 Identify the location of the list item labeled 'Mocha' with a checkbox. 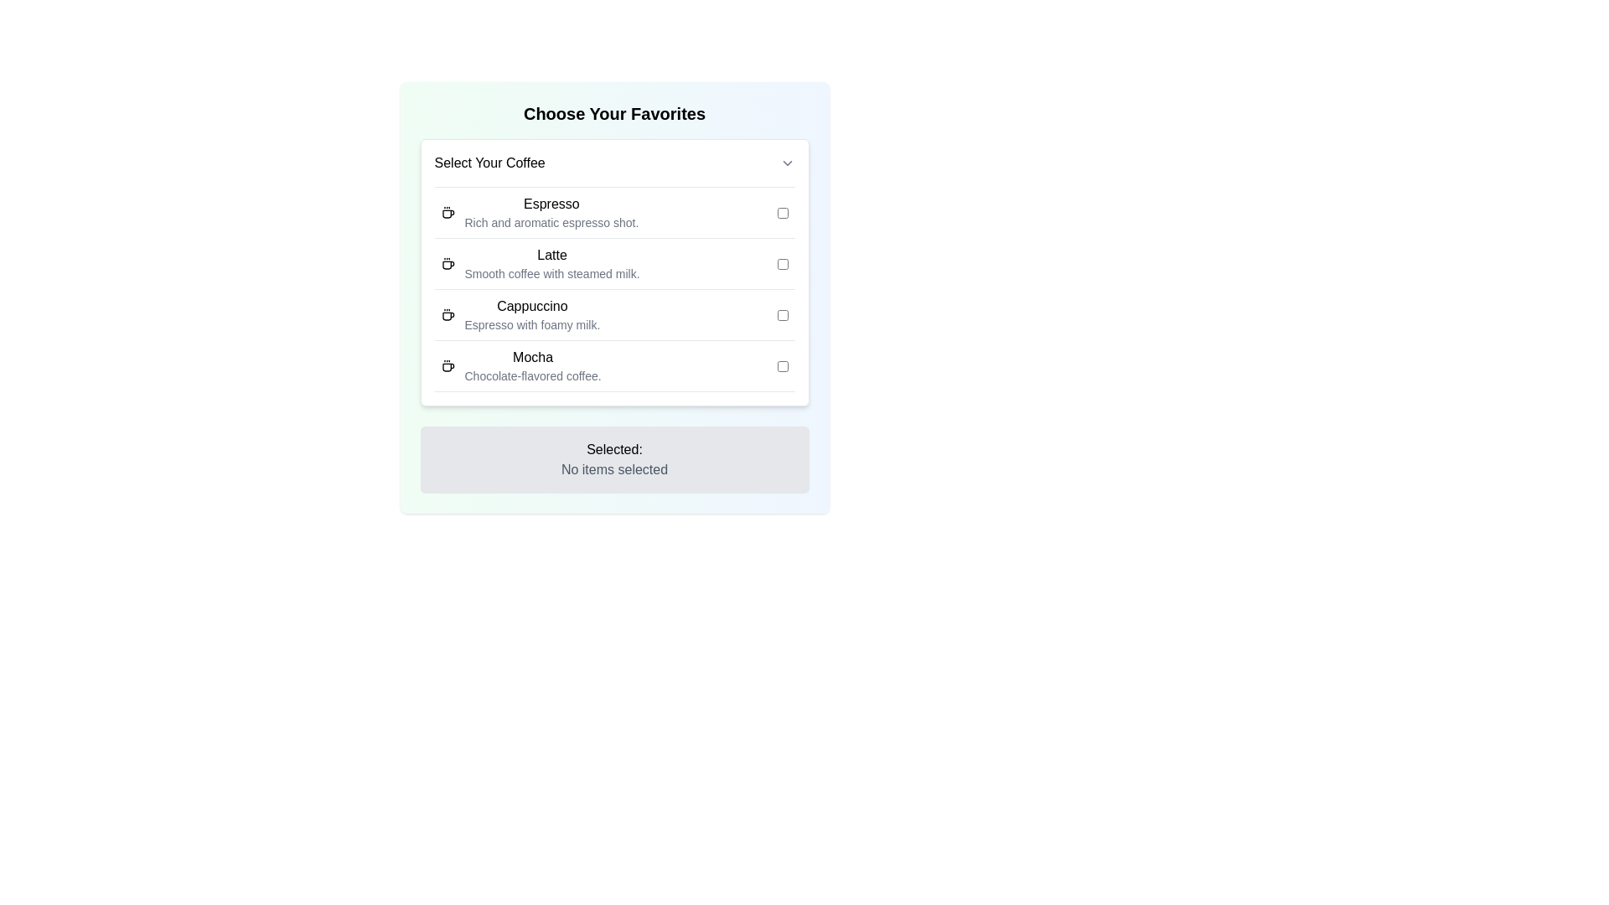
(613, 365).